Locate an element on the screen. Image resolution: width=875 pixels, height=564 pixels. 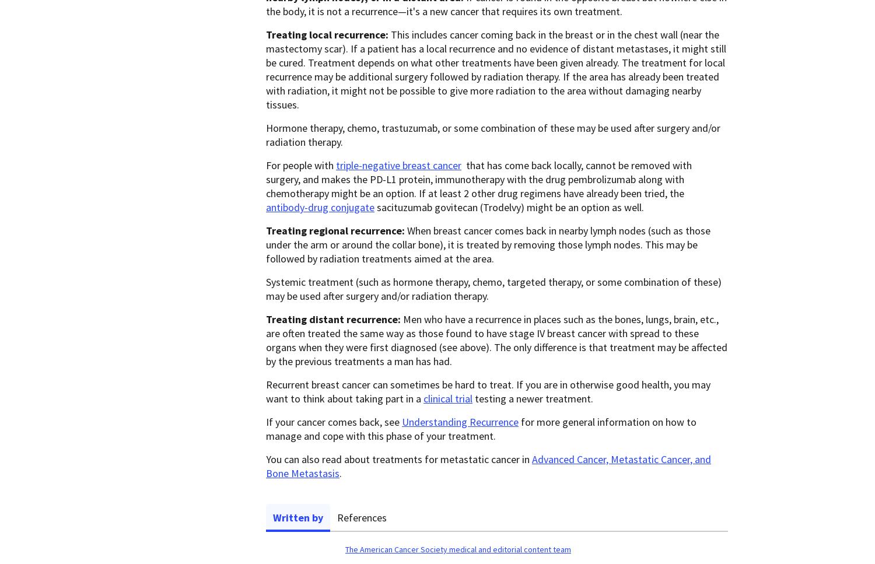
'Written by' is located at coordinates (298, 517).